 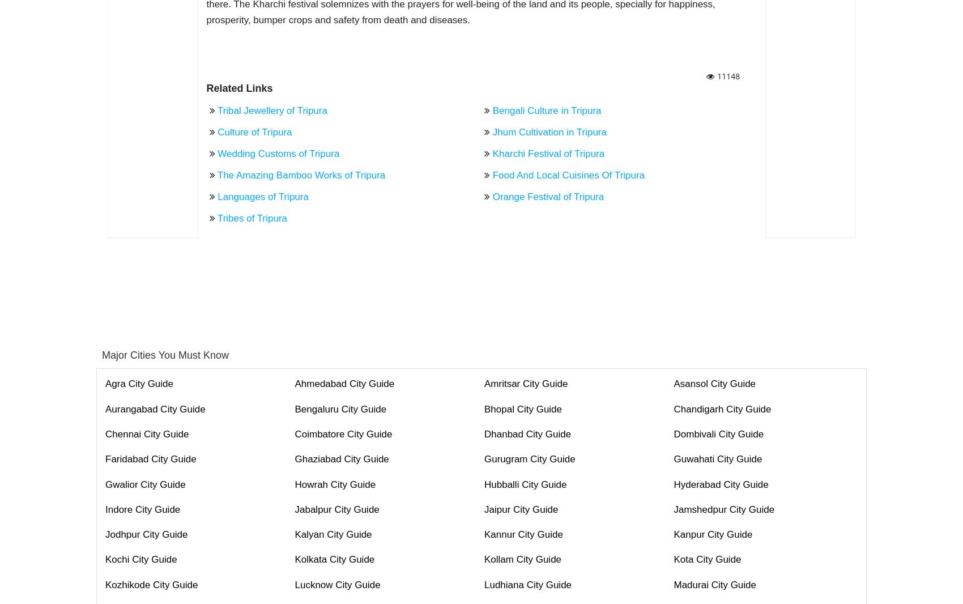 I want to click on 'Dombivali City Guide', so click(x=718, y=433).